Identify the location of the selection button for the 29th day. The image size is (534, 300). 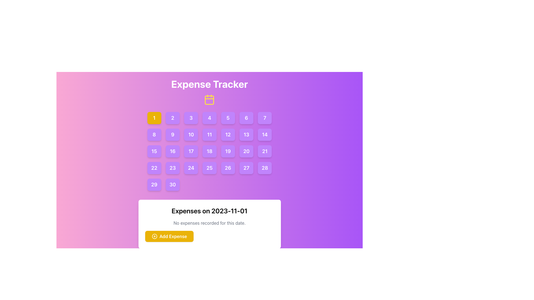
(154, 184).